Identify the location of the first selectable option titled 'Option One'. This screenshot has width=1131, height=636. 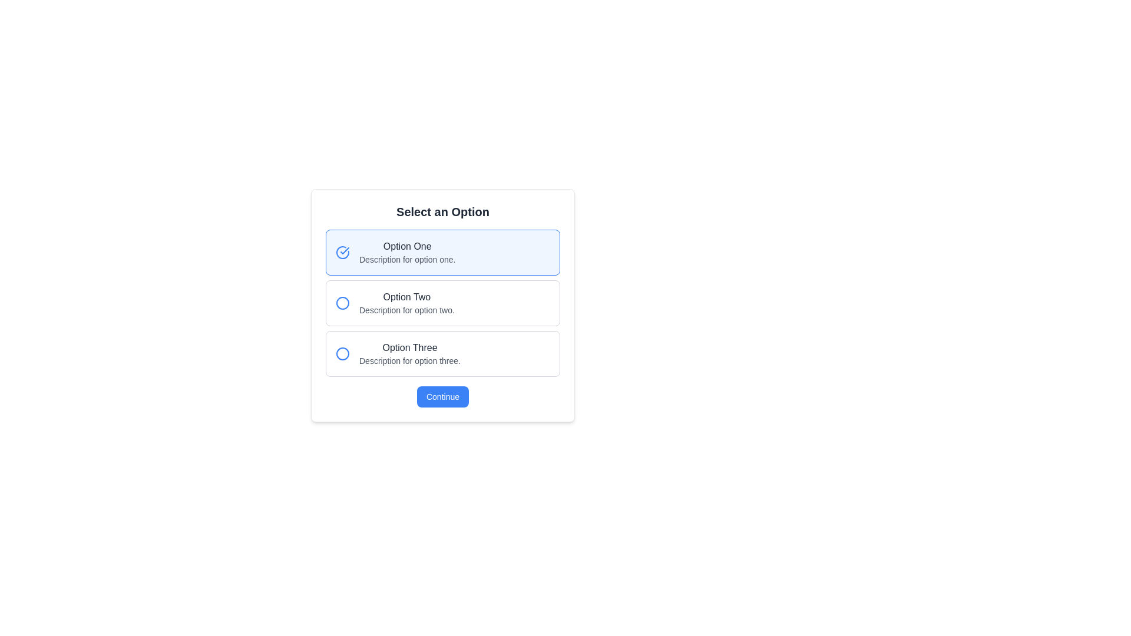
(407, 251).